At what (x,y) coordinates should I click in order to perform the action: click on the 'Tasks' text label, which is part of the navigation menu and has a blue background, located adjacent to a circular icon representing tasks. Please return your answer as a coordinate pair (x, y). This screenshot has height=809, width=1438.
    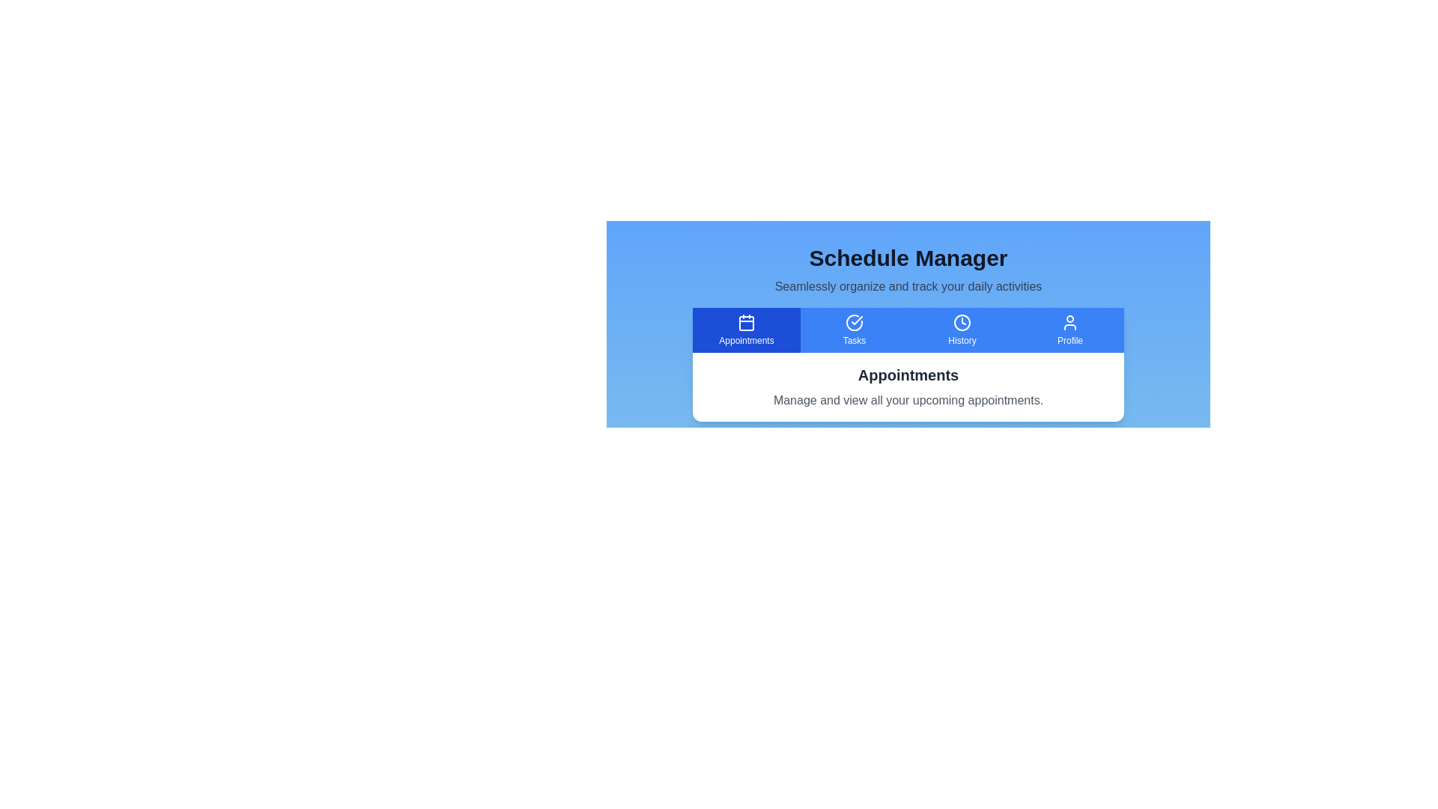
    Looking at the image, I should click on (855, 341).